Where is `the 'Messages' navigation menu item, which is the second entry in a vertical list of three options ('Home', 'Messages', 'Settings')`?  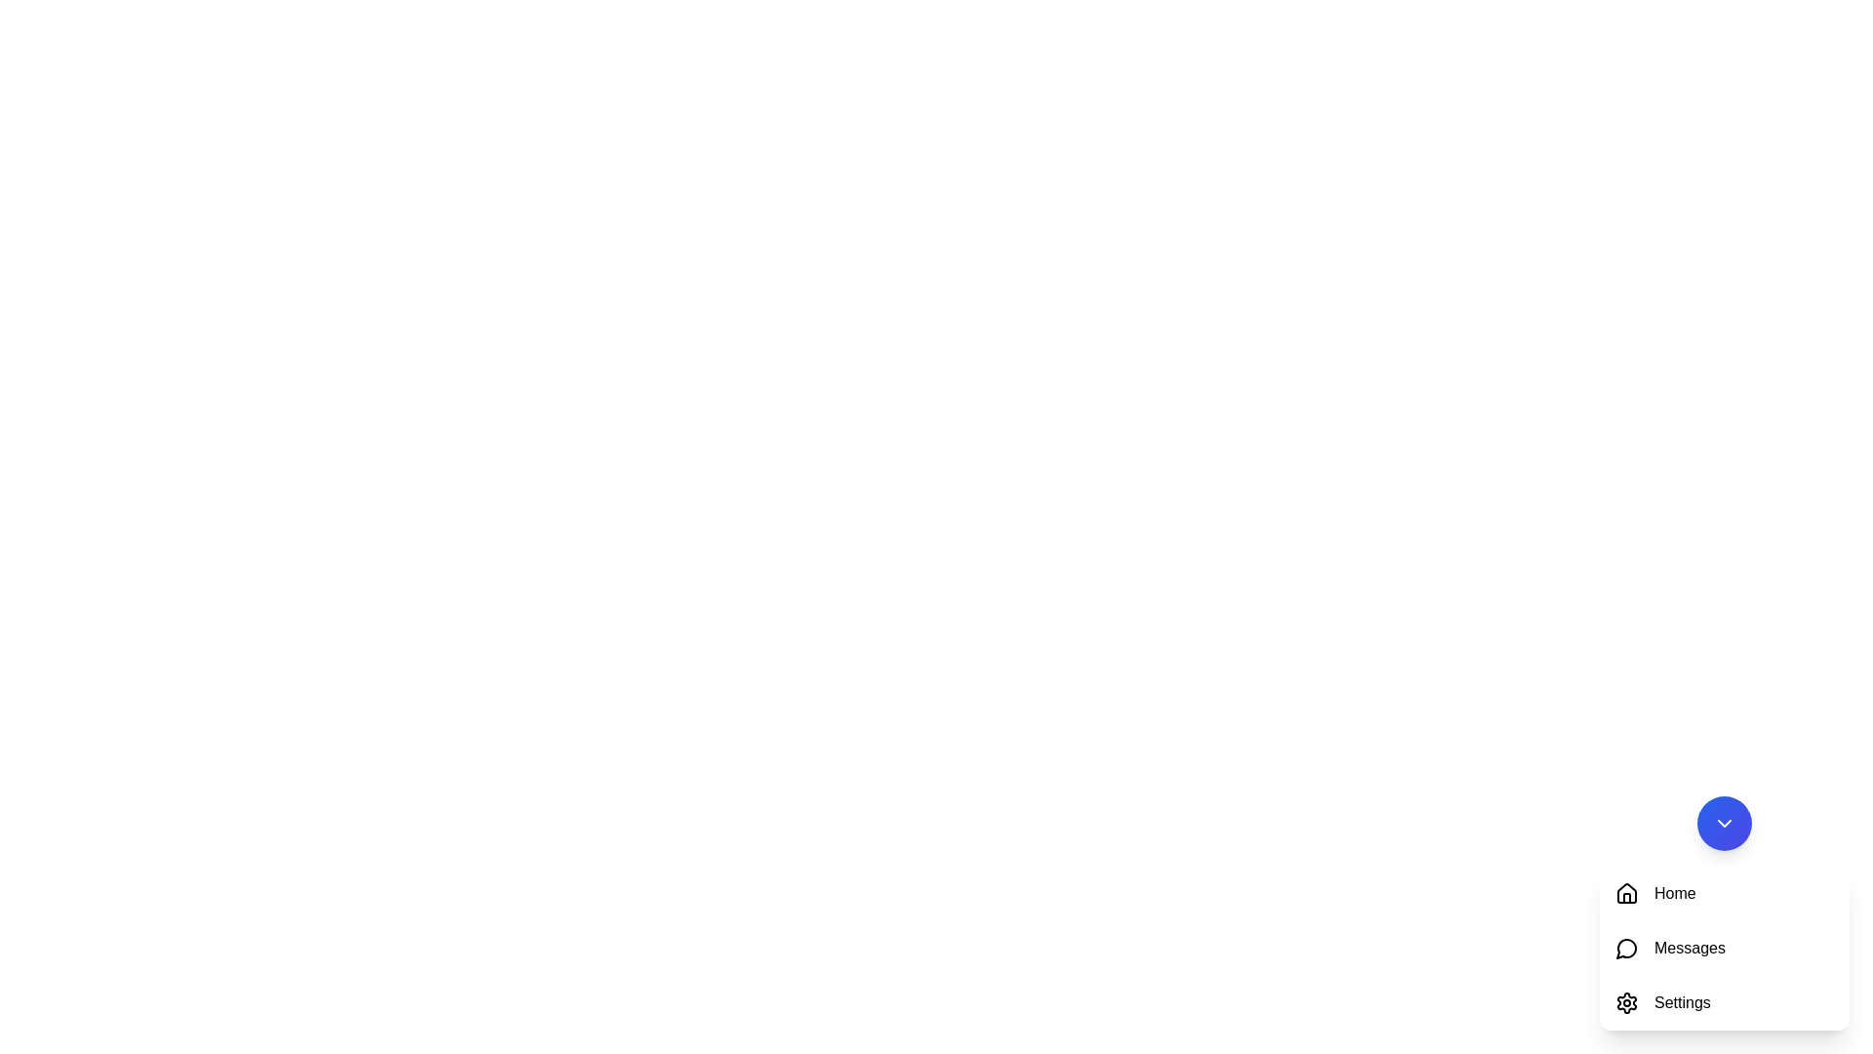
the 'Messages' navigation menu item, which is the second entry in a vertical list of three options ('Home', 'Messages', 'Settings') is located at coordinates (1724, 948).